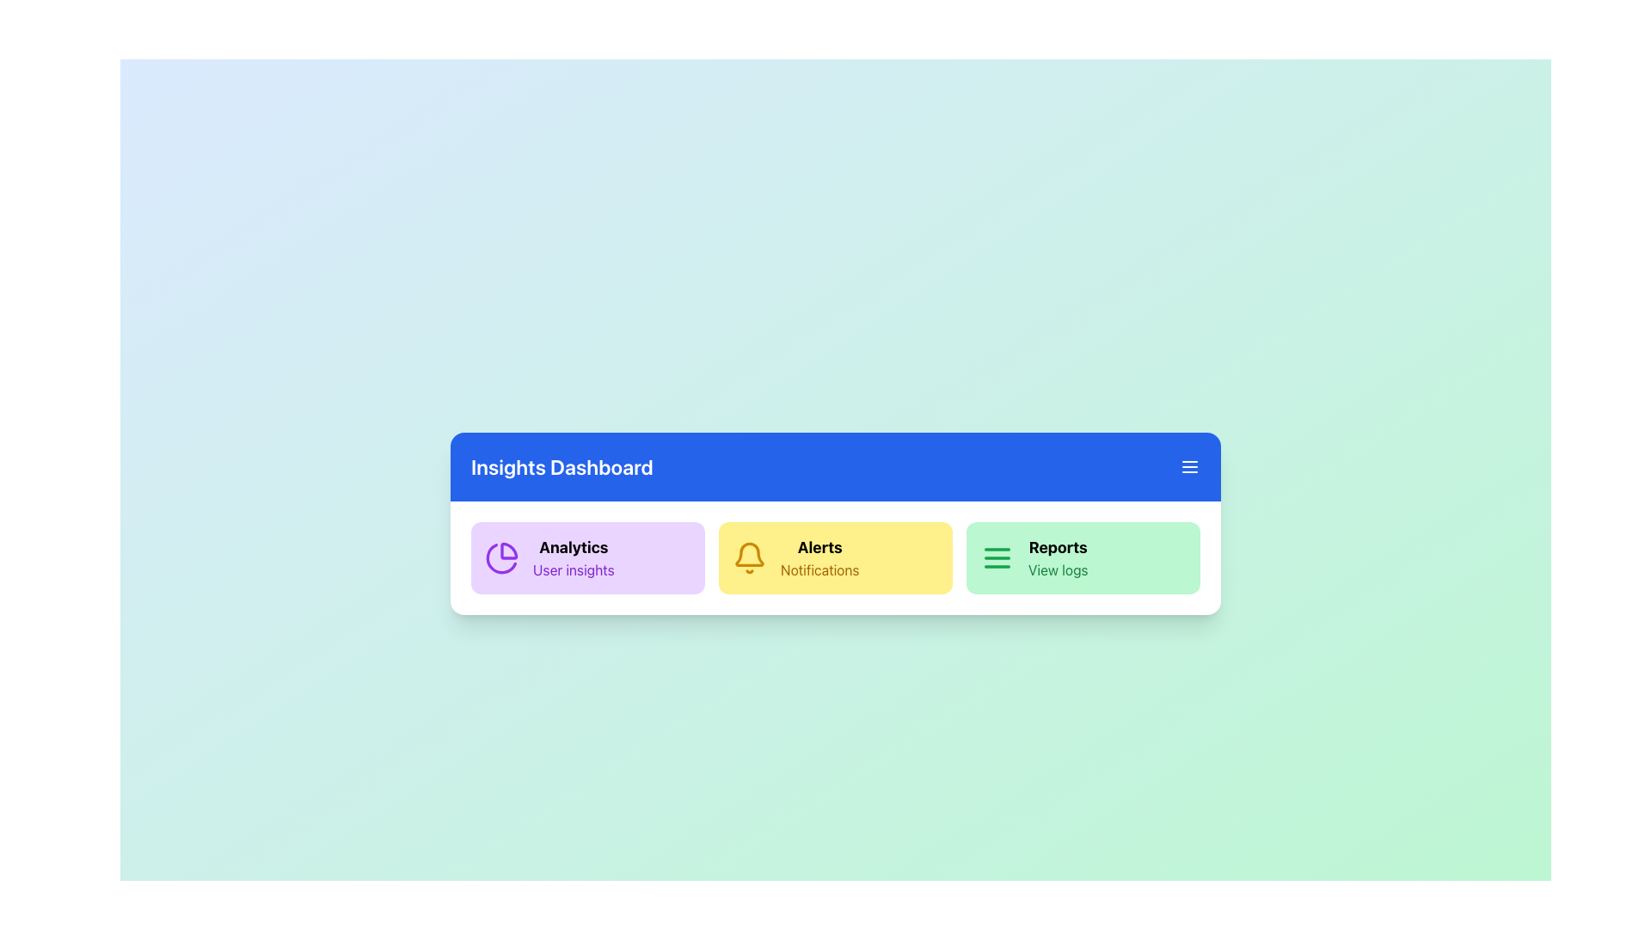 The image size is (1651, 929). I want to click on the second button in the horizontally aligned widgets, which provides access to notifications and alerts in the system, so click(835, 557).